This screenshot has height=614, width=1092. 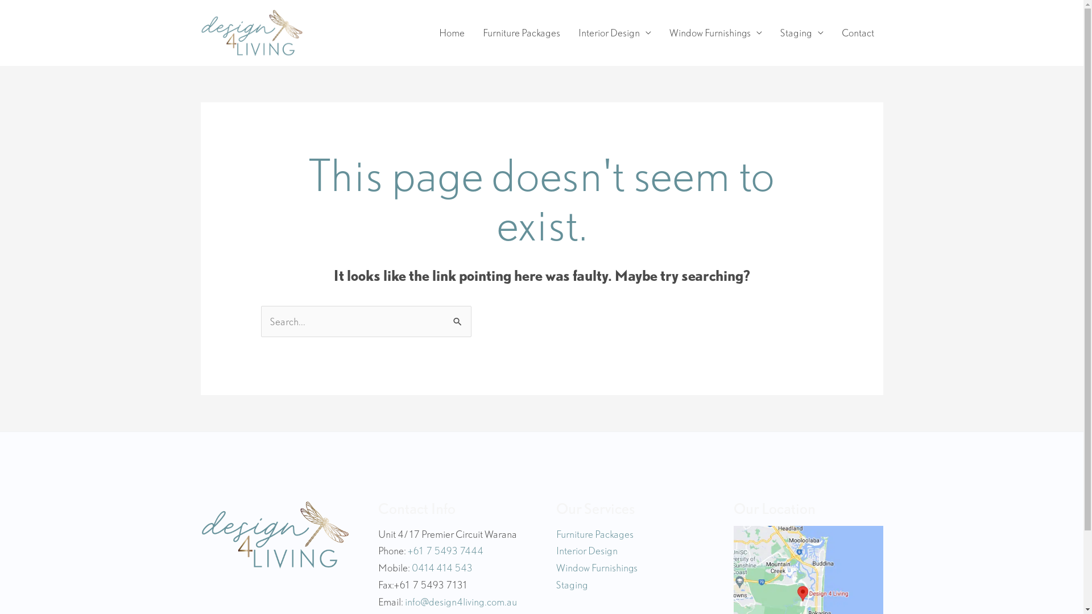 What do you see at coordinates (445, 550) in the screenshot?
I see `'+61 7 5493 7444'` at bounding box center [445, 550].